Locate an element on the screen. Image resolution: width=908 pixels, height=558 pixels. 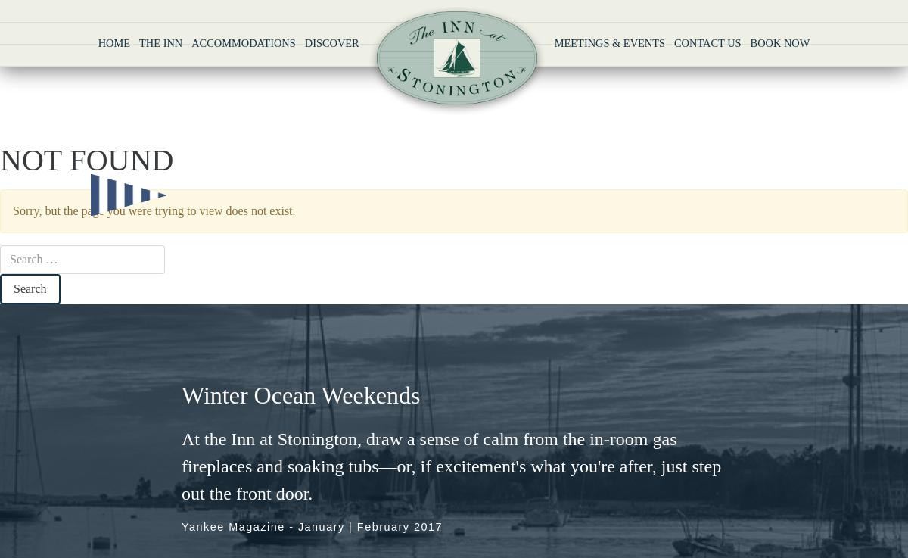
'Home' is located at coordinates (113, 42).